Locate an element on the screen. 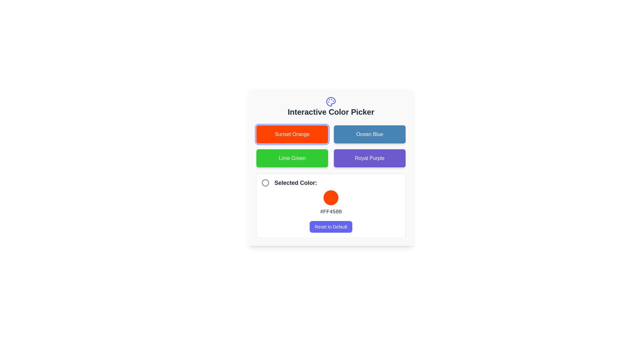 The width and height of the screenshot is (620, 349). the Header element that introduces the Interactive Color Picker feature, positioned at the top of the interface is located at coordinates (331, 107).